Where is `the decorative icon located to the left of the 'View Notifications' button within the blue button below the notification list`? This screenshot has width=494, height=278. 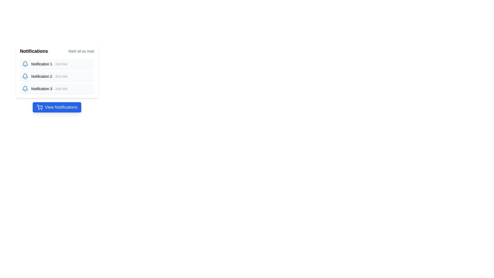 the decorative icon located to the left of the 'View Notifications' button within the blue button below the notification list is located at coordinates (39, 107).